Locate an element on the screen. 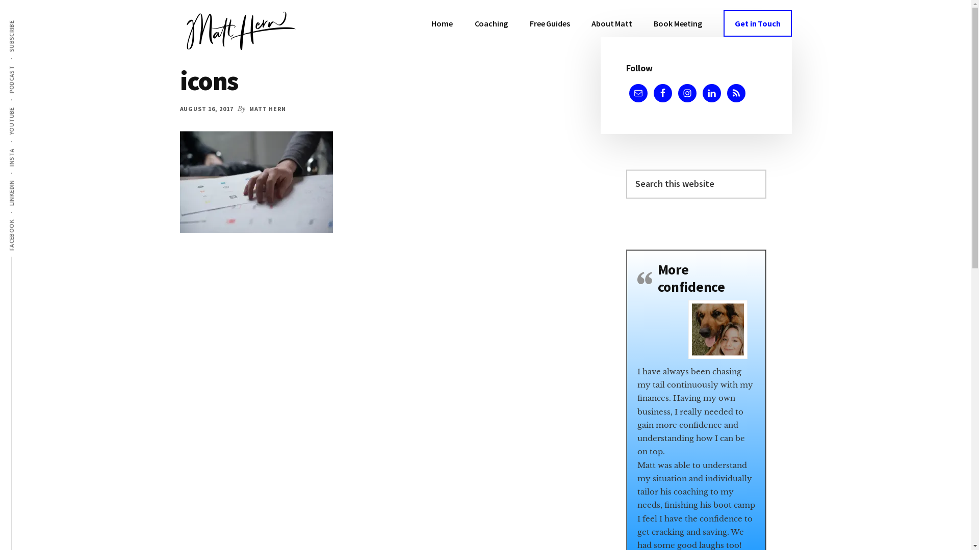 The height and width of the screenshot is (550, 979). 'LINKEDIN' is located at coordinates (25, 179).